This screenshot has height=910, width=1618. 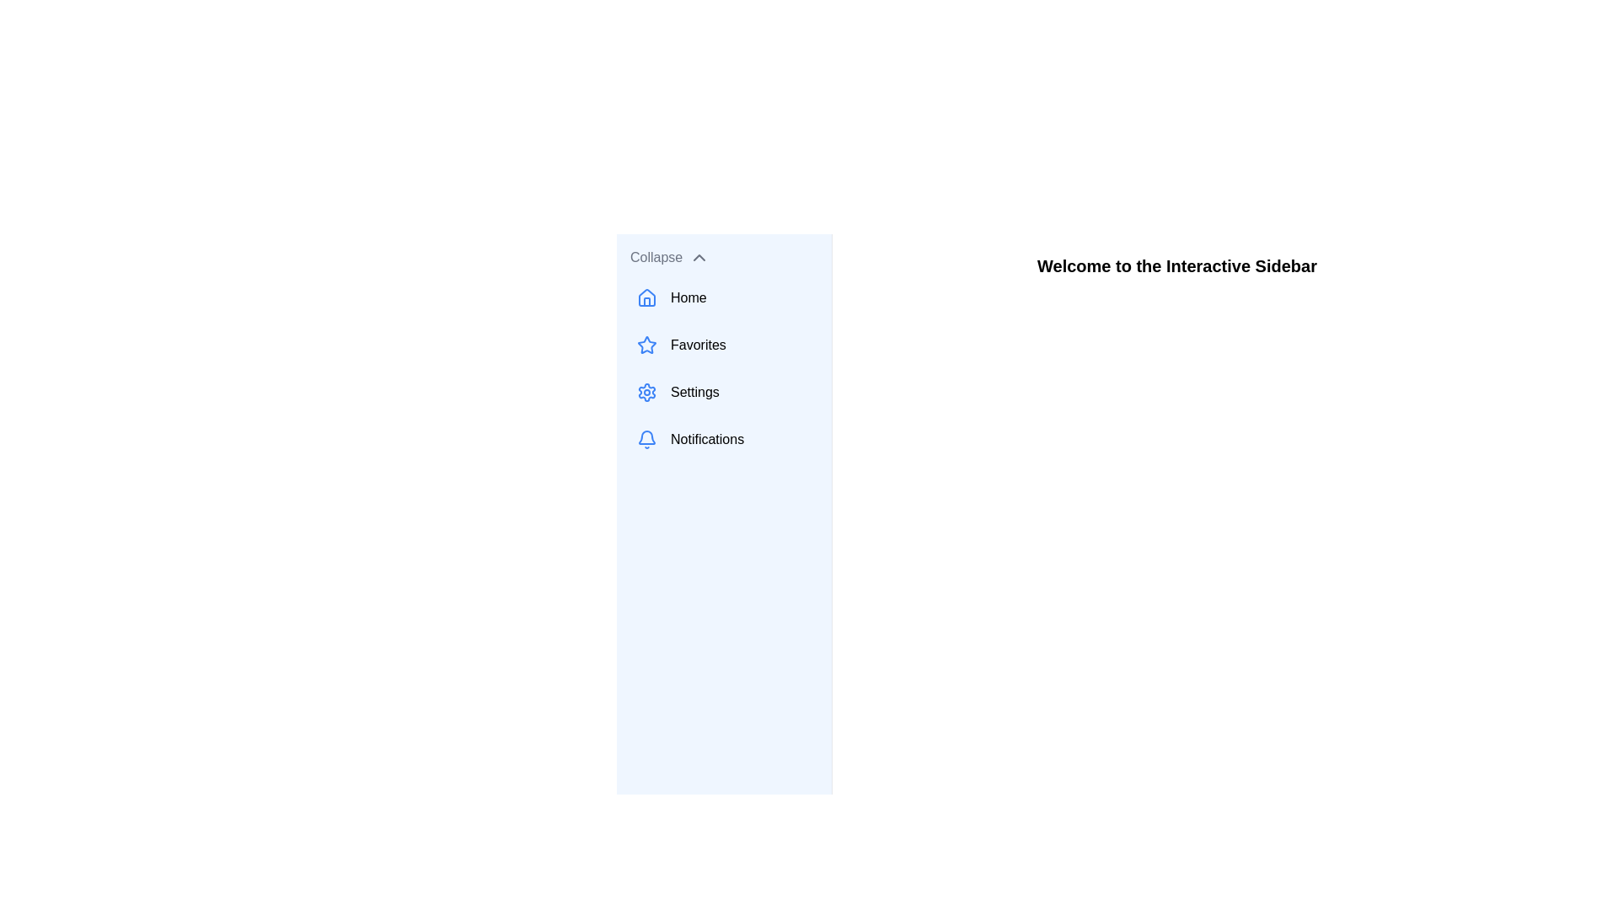 What do you see at coordinates (646, 344) in the screenshot?
I see `the 'Favorites' icon located in the navigation sidebar, which is the second element in a vertical list under a collapse button` at bounding box center [646, 344].